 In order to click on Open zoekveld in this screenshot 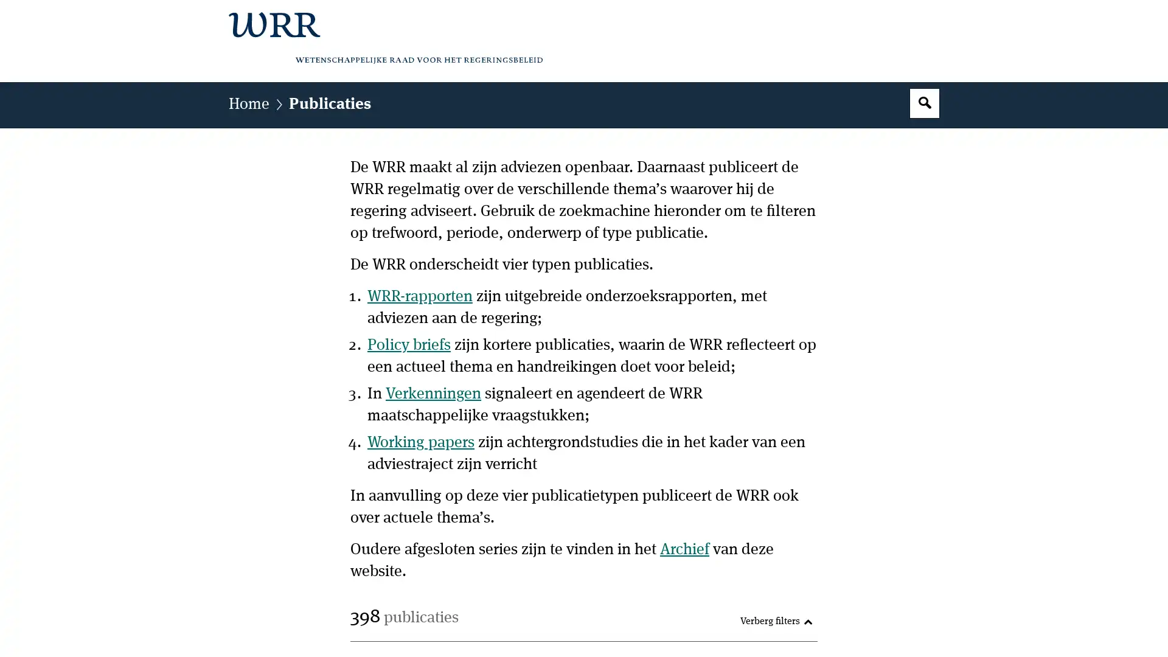, I will do `click(925, 102)`.